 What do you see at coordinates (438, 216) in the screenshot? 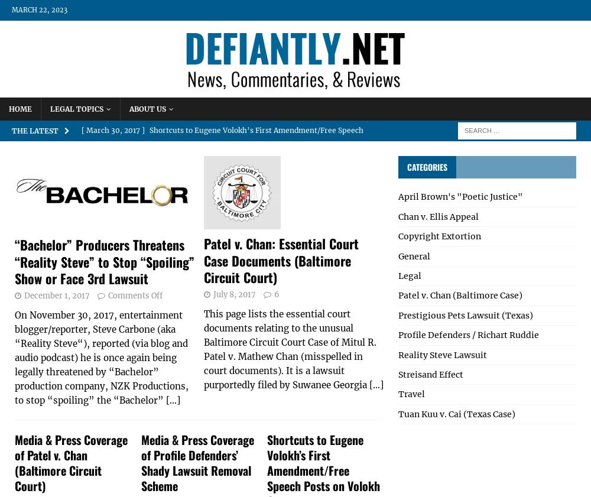
I see `'Chan v. Ellis Appeal'` at bounding box center [438, 216].